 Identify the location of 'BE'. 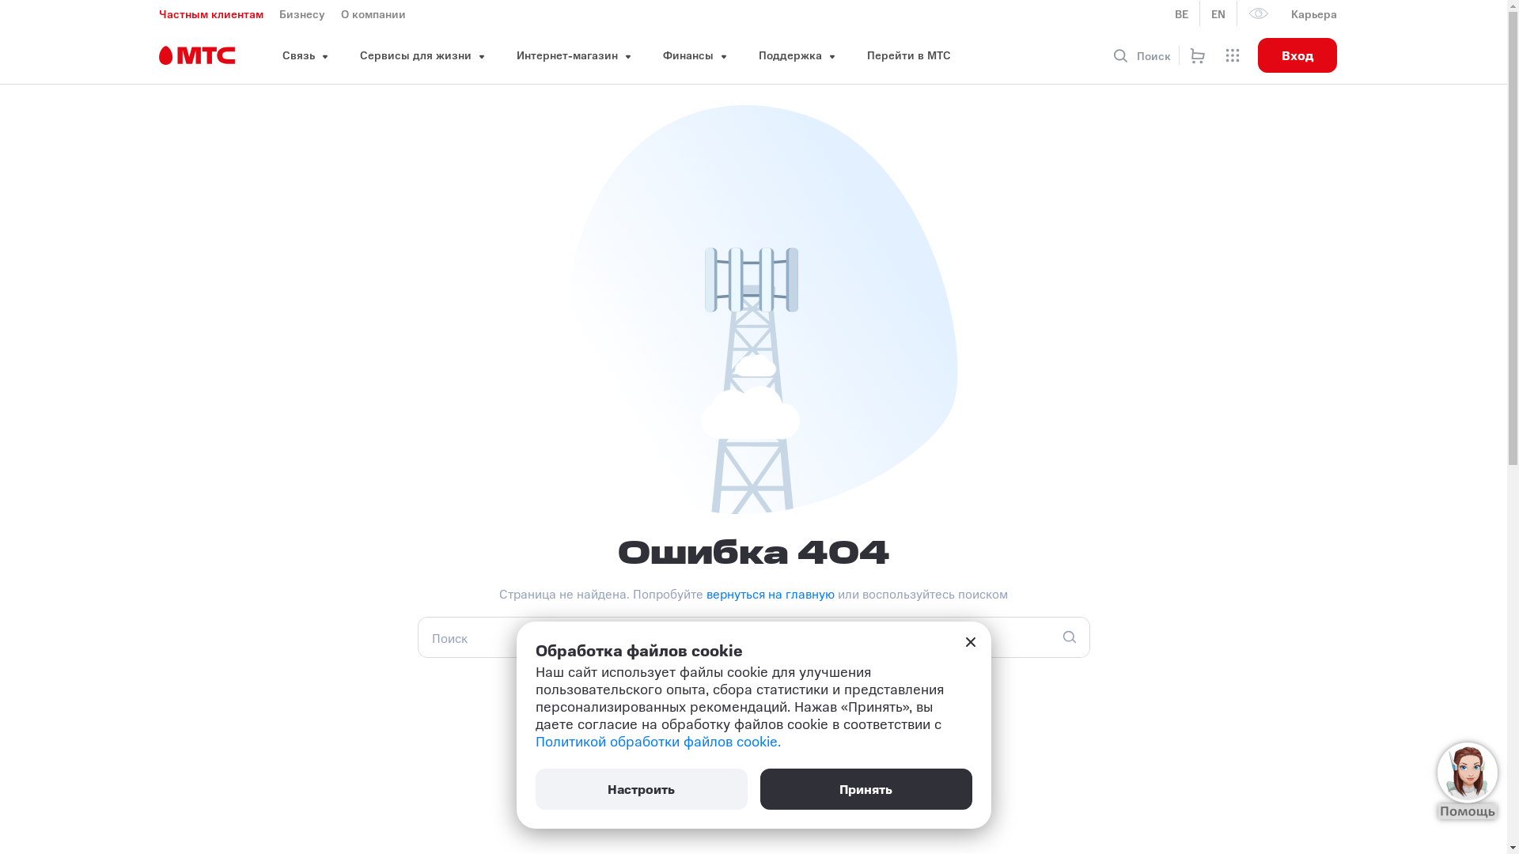
(1181, 13).